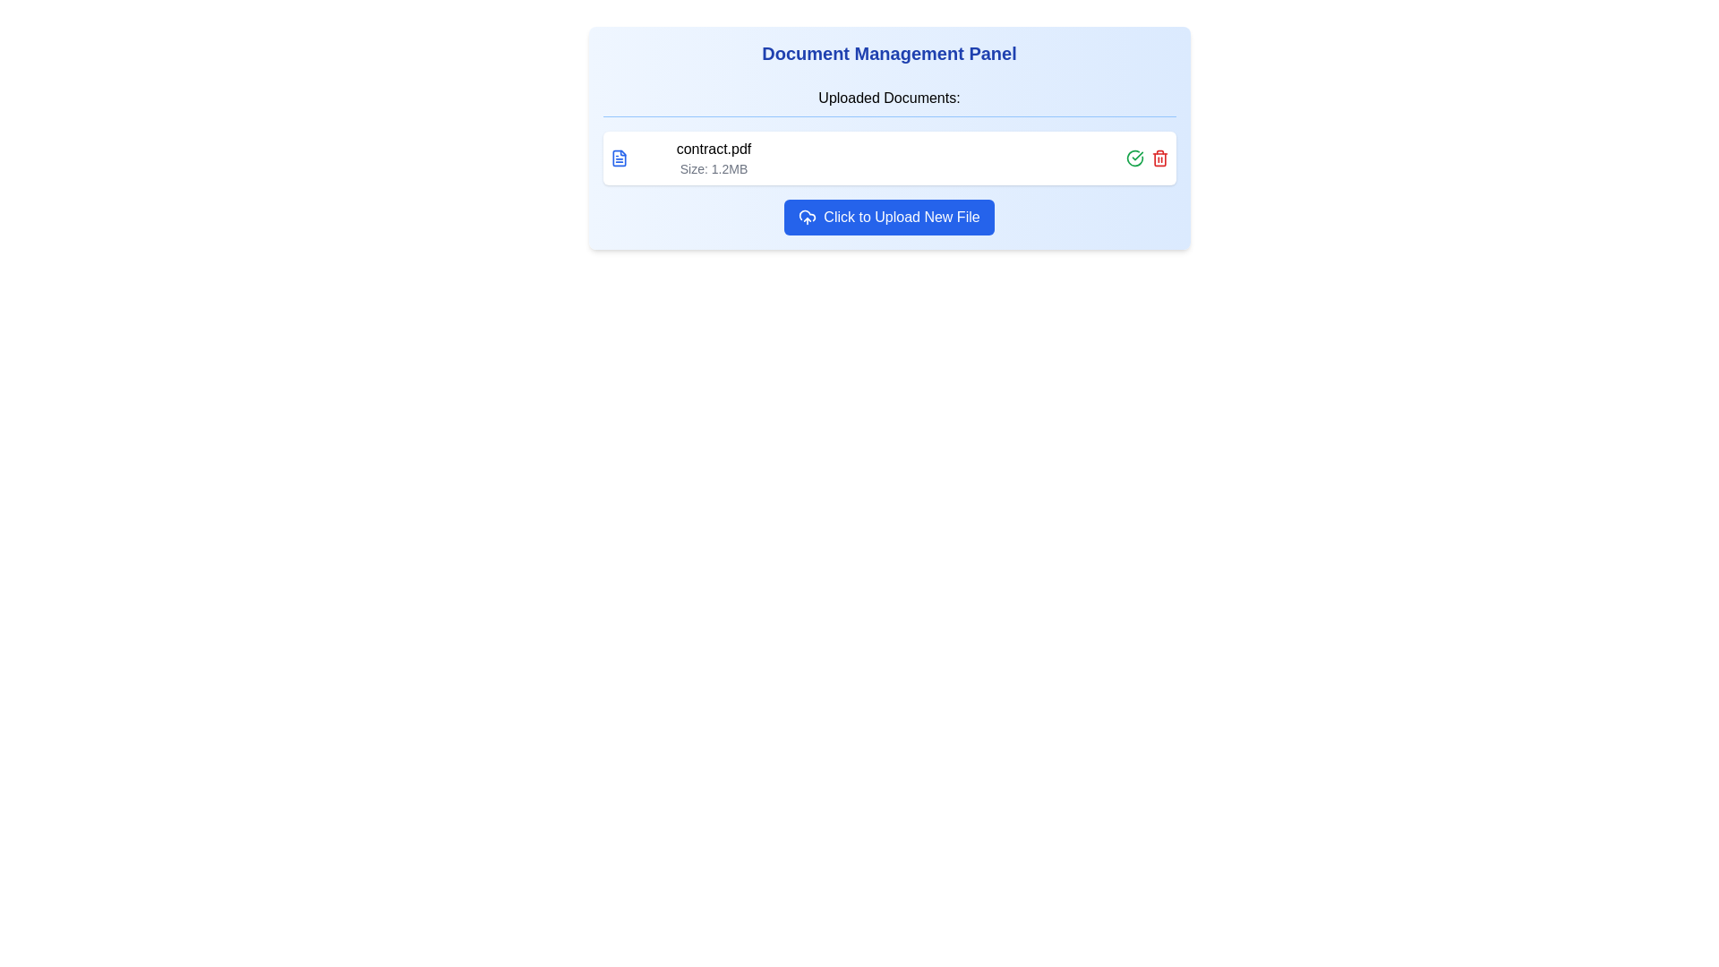 Image resolution: width=1719 pixels, height=967 pixels. Describe the element at coordinates (619, 158) in the screenshot. I see `the blue SVG icon representing a file document located to the left of the text 'contract.pdf' in the 'Uploaded Documents' section` at that location.